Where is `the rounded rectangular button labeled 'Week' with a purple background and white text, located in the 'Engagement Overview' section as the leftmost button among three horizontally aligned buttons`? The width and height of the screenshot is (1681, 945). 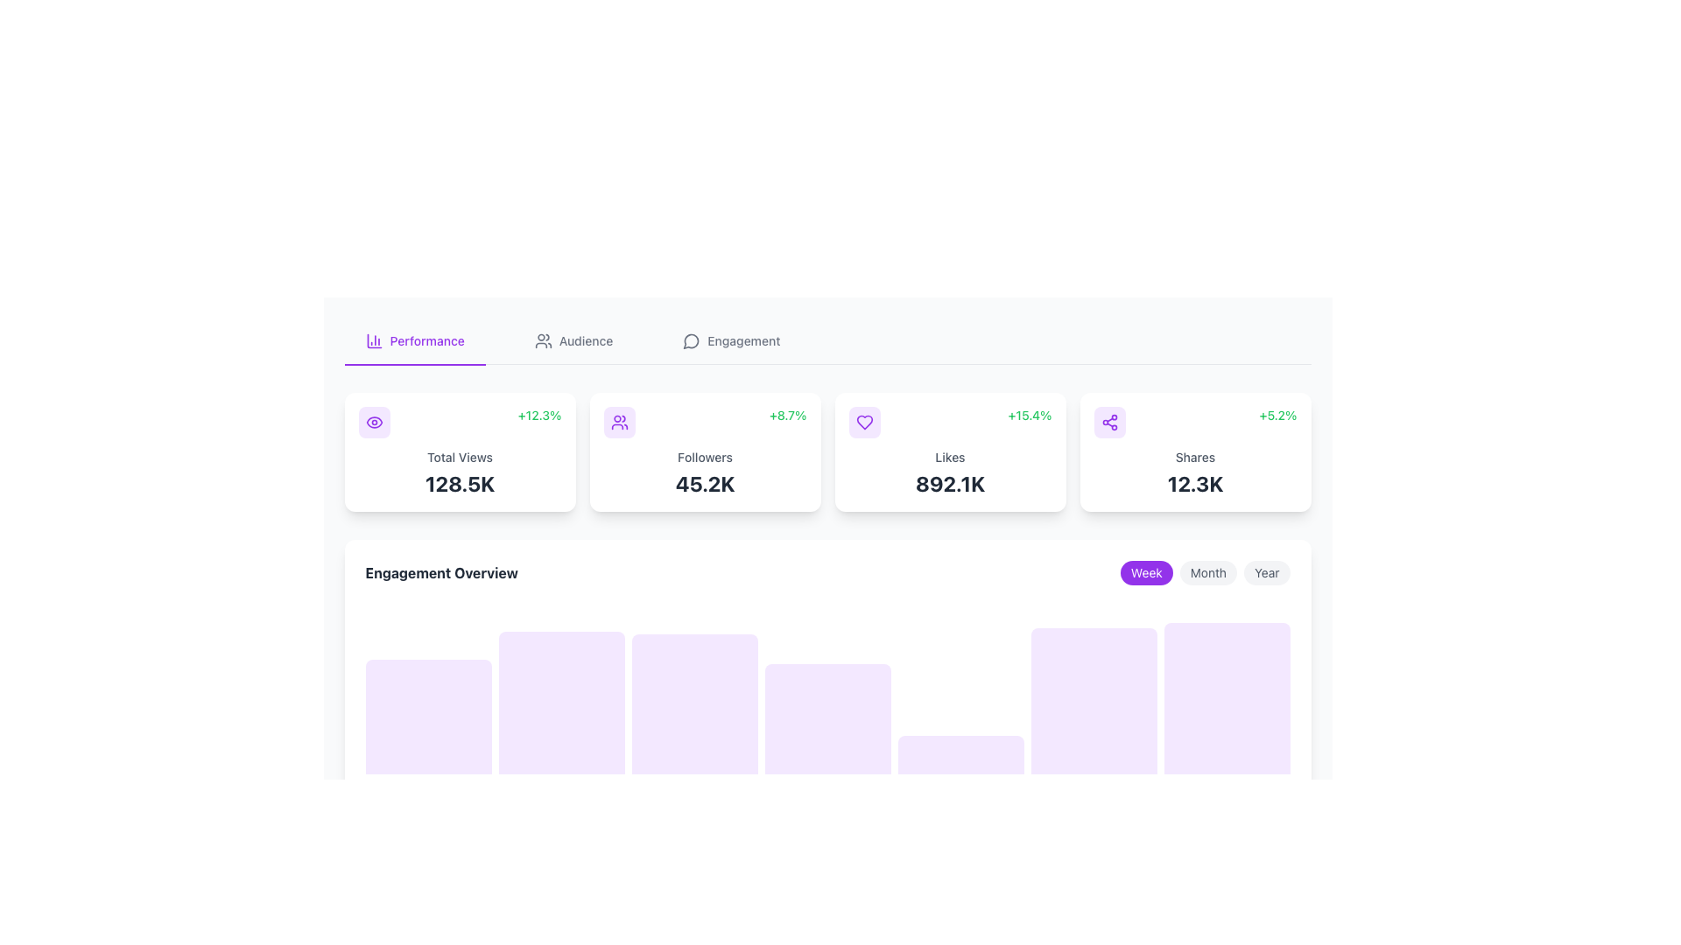 the rounded rectangular button labeled 'Week' with a purple background and white text, located in the 'Engagement Overview' section as the leftmost button among three horizontally aligned buttons is located at coordinates (1146, 573).